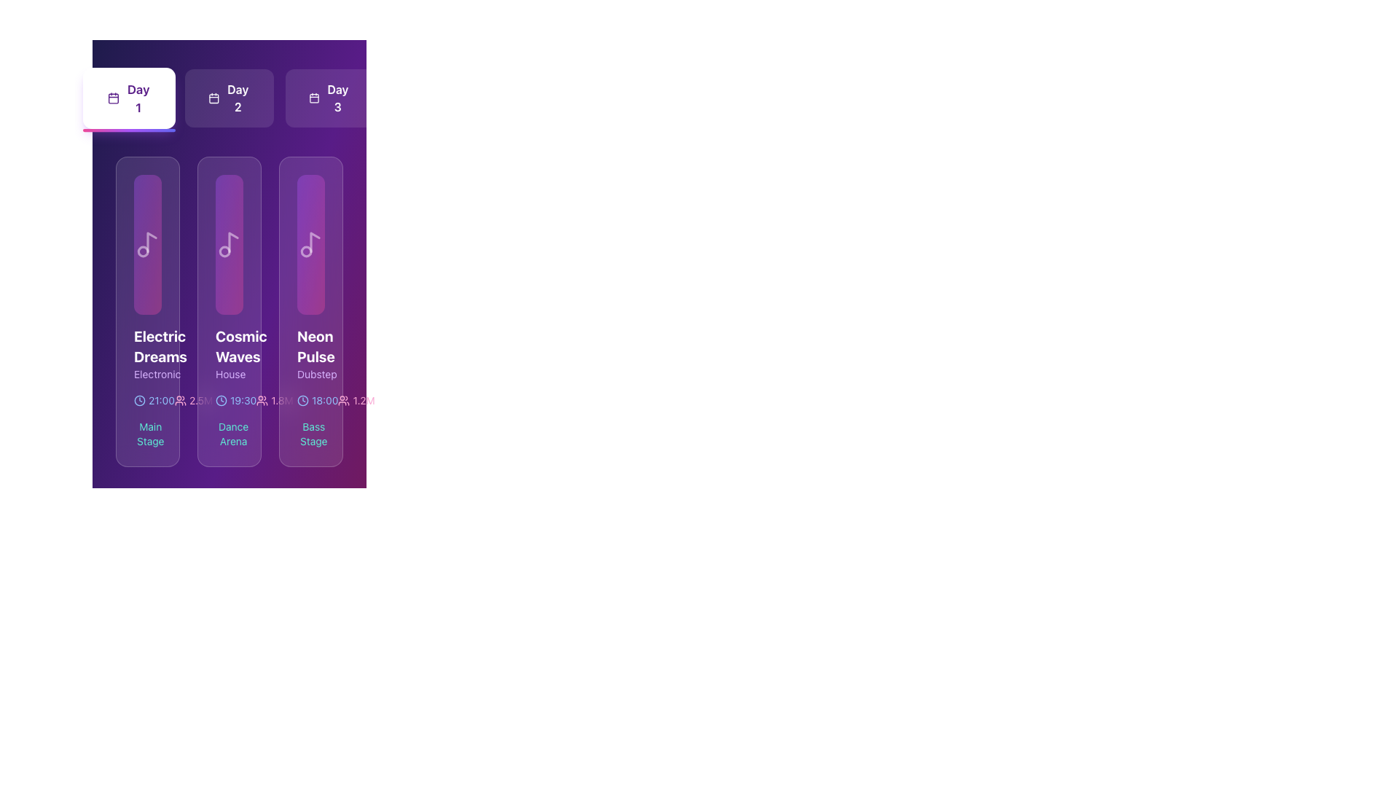 This screenshot has height=787, width=1399. Describe the element at coordinates (147, 243) in the screenshot. I see `design of the vertically elongated rectangular music icon component with a gradient from purple to pink, featuring a white music note, located in the middle of the leftmost column` at that location.